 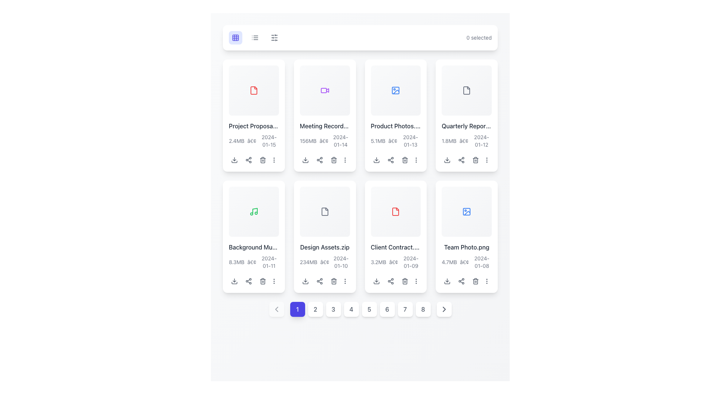 I want to click on the action bar located at the bottom of the 'Team Photo.png' card, so click(x=466, y=281).